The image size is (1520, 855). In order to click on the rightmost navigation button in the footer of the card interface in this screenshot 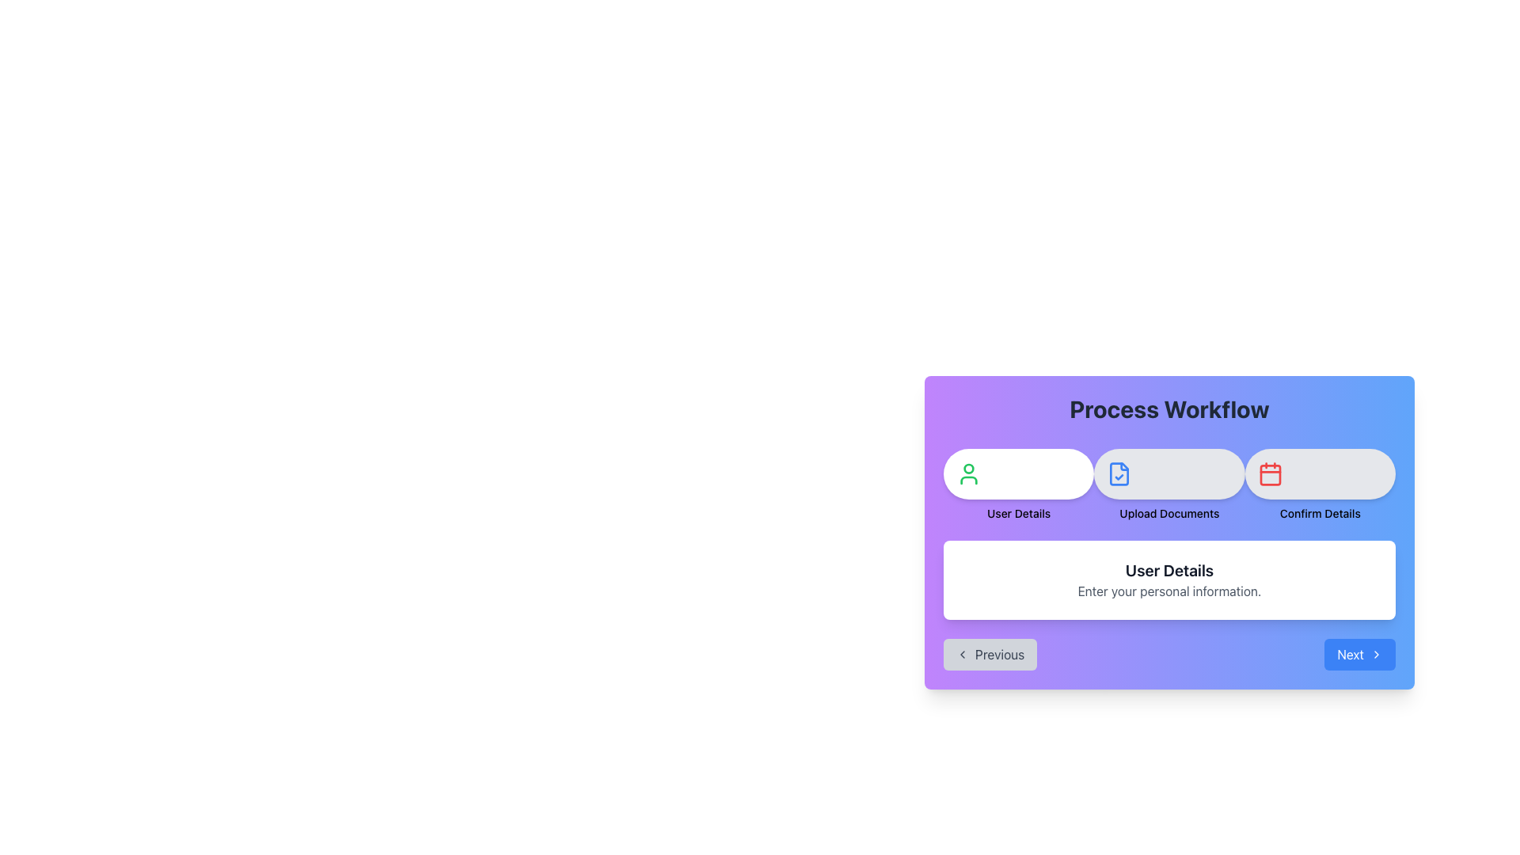, I will do `click(1359, 654)`.